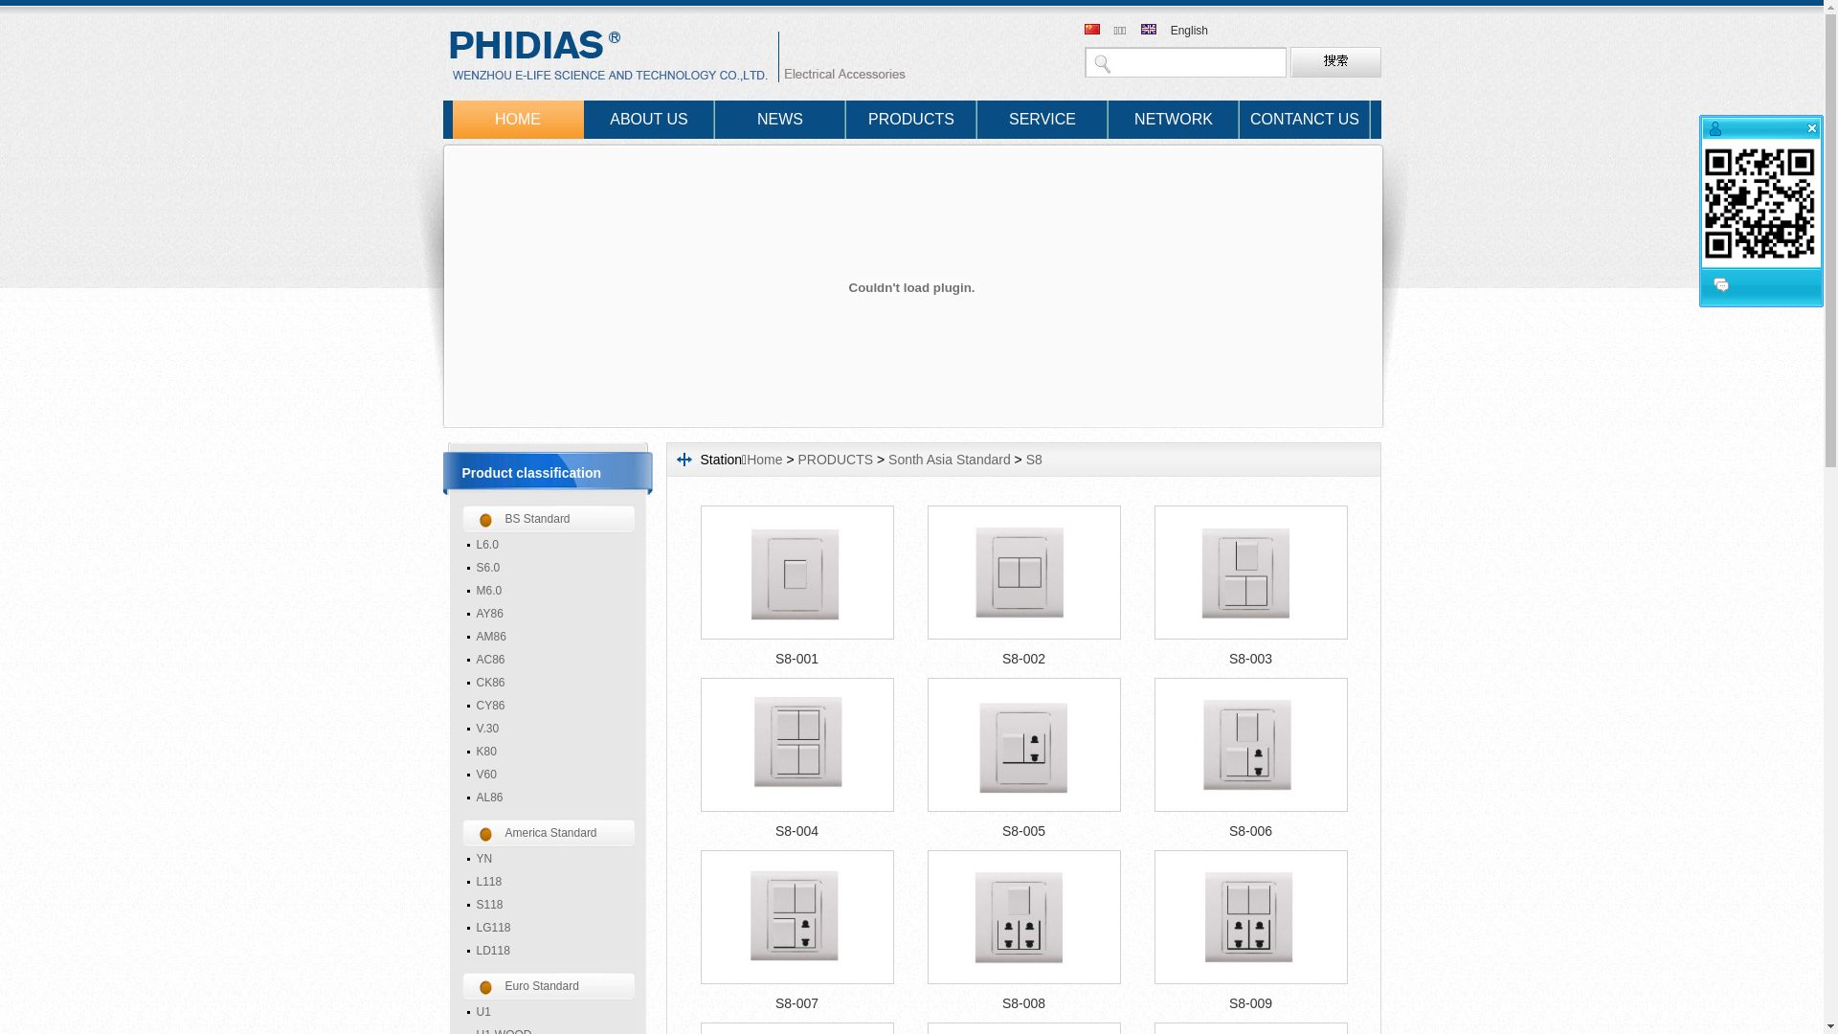  Describe the element at coordinates (712, 119) in the screenshot. I see `'NEWS'` at that location.